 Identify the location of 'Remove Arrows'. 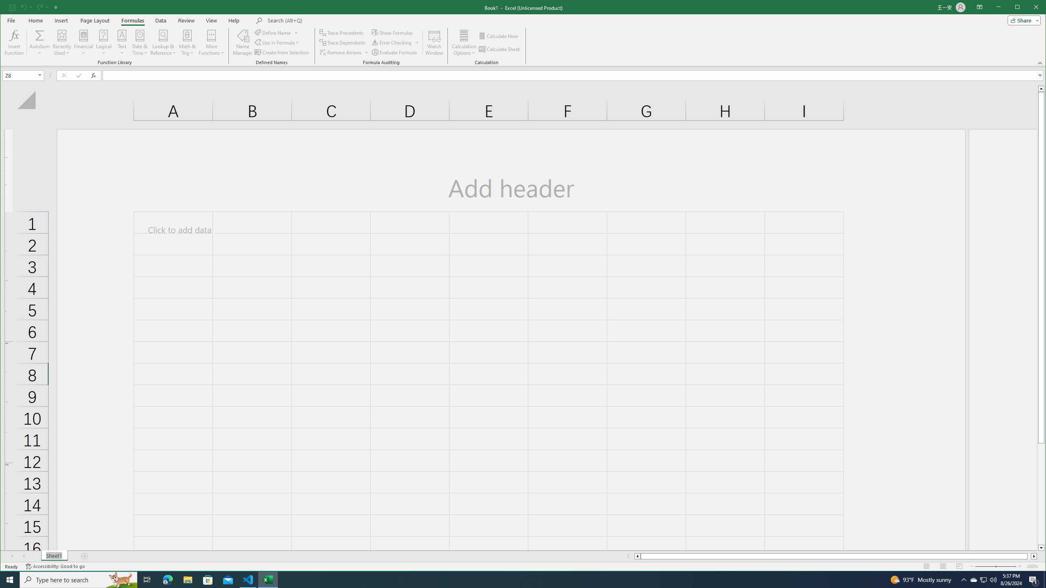
(344, 52).